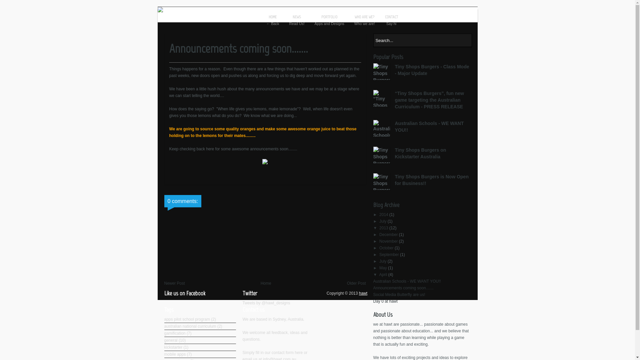  I want to click on 'May', so click(379, 267).